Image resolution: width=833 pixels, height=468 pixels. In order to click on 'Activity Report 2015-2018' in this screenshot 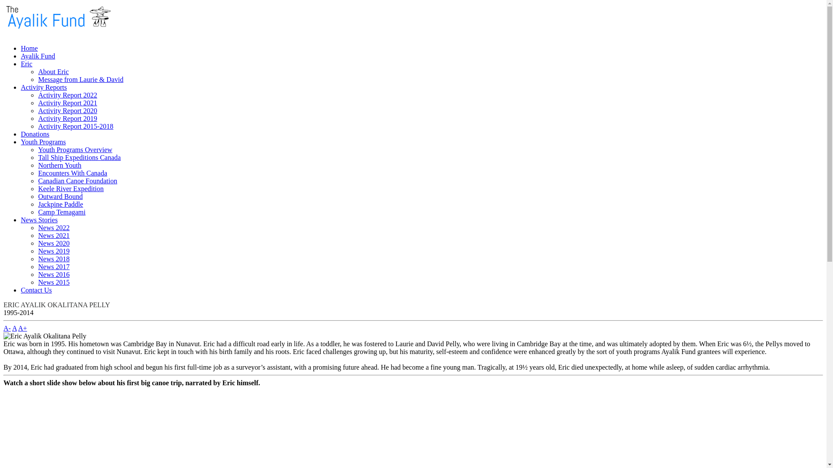, I will do `click(75, 126)`.